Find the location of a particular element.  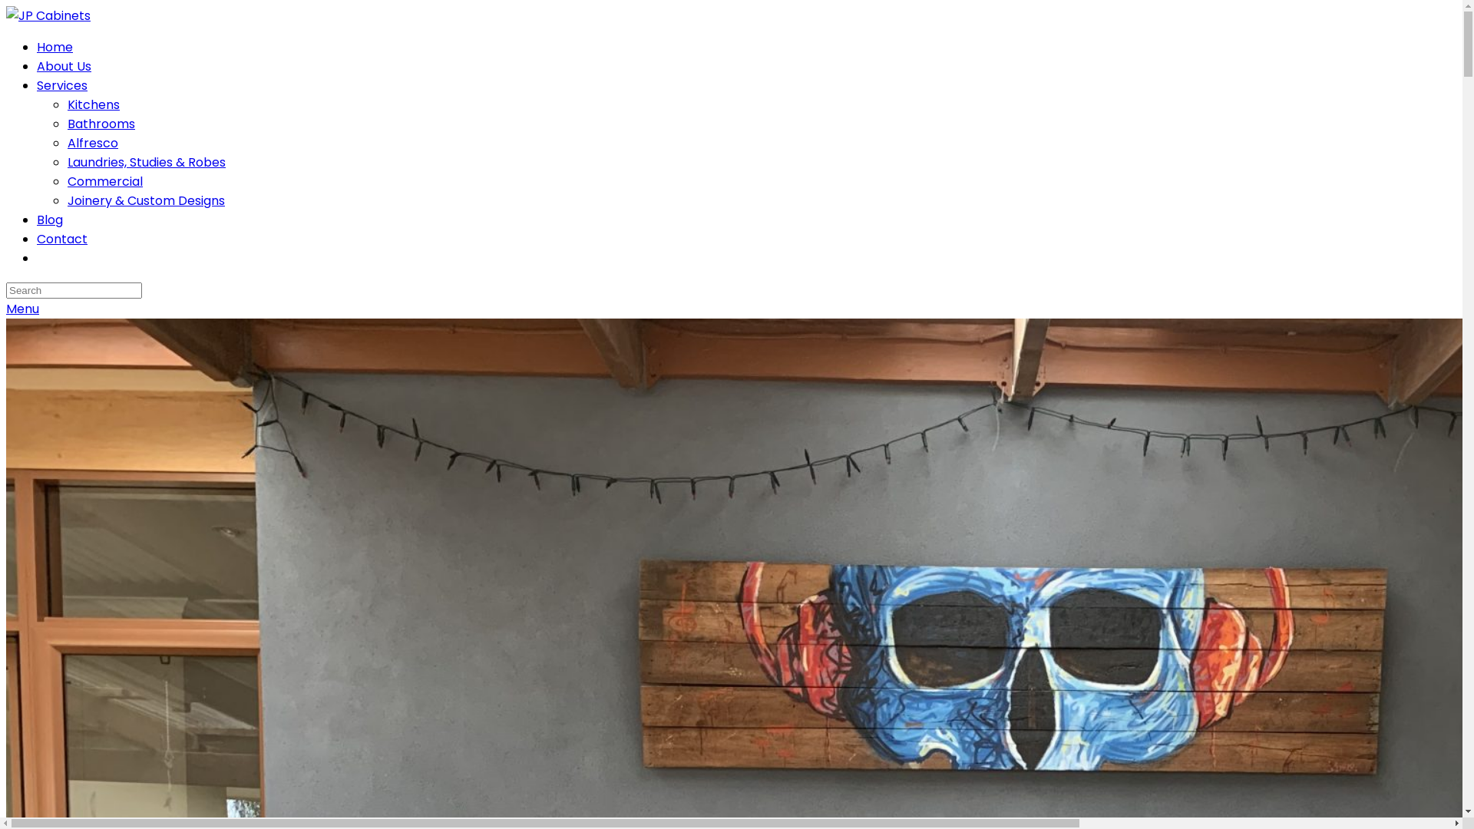

'Joinery & Custom Designs' is located at coordinates (66, 200).